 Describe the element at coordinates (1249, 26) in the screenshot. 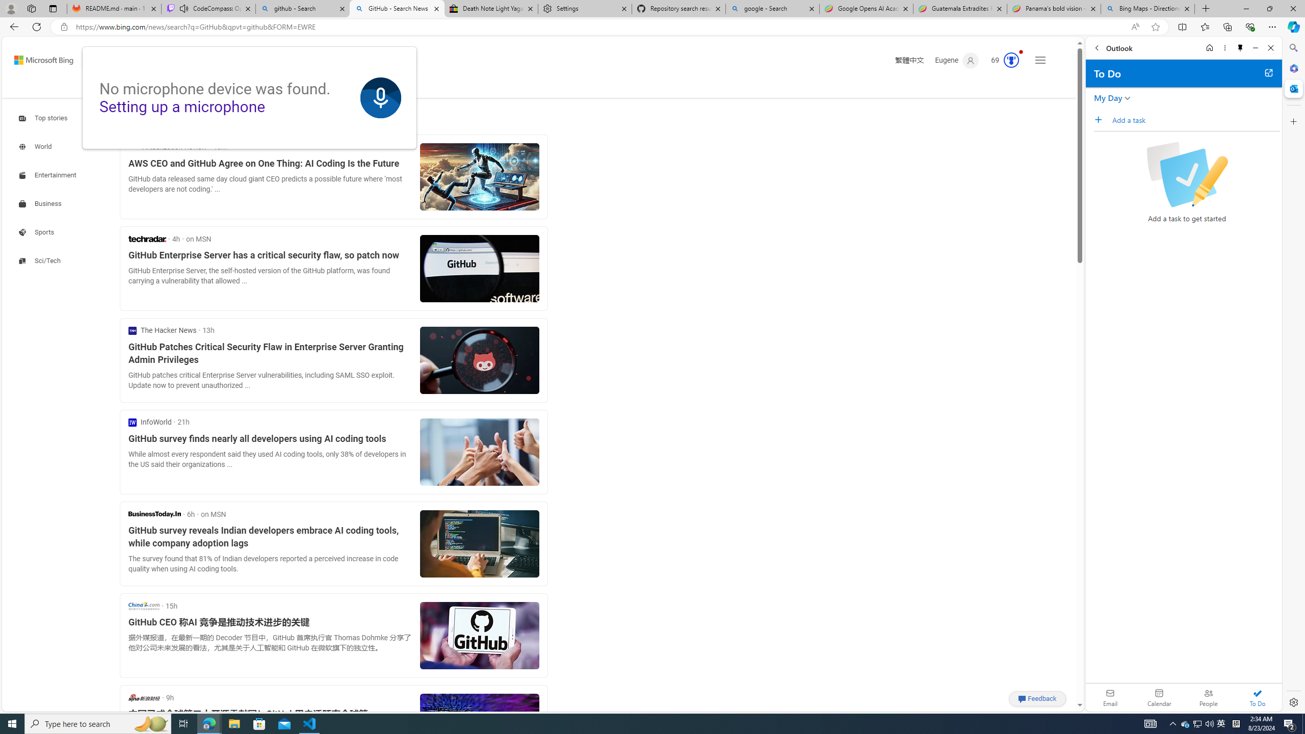

I see `'Browser essentials'` at that location.